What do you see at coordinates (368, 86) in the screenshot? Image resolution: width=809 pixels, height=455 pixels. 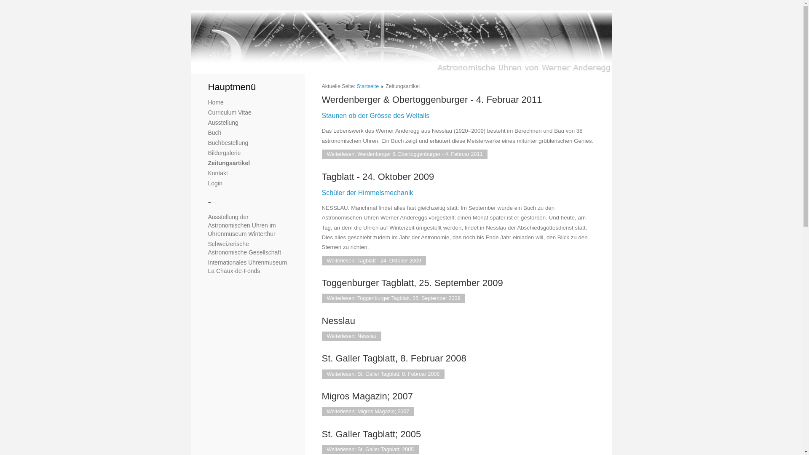 I see `'Startseite'` at bounding box center [368, 86].